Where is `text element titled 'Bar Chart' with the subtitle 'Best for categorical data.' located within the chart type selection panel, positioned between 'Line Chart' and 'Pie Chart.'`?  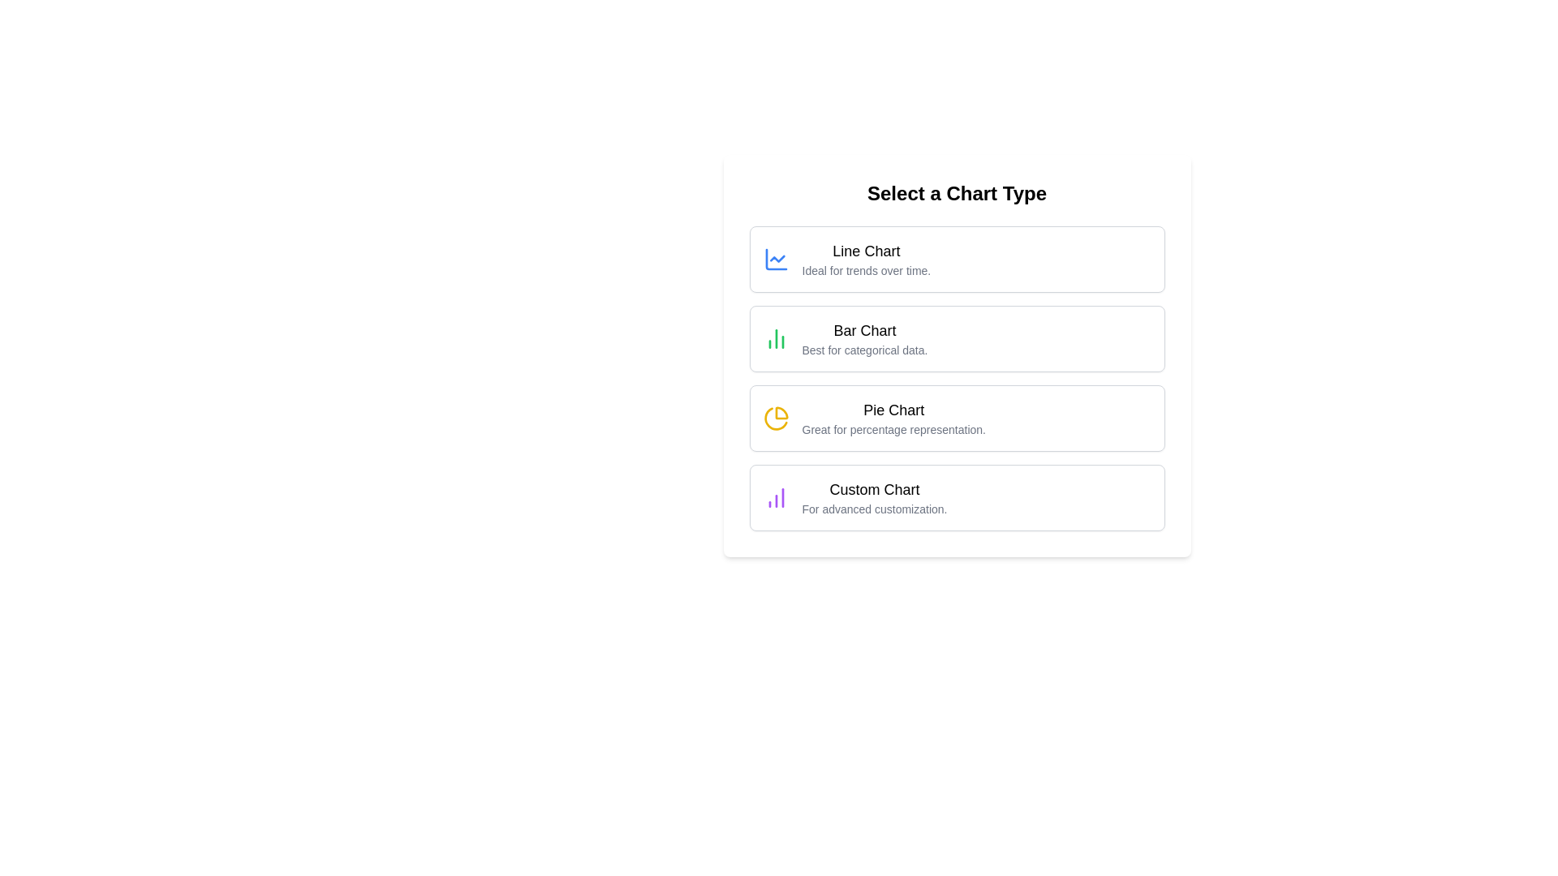 text element titled 'Bar Chart' with the subtitle 'Best for categorical data.' located within the chart type selection panel, positioned between 'Line Chart' and 'Pie Chart.' is located at coordinates (863, 337).